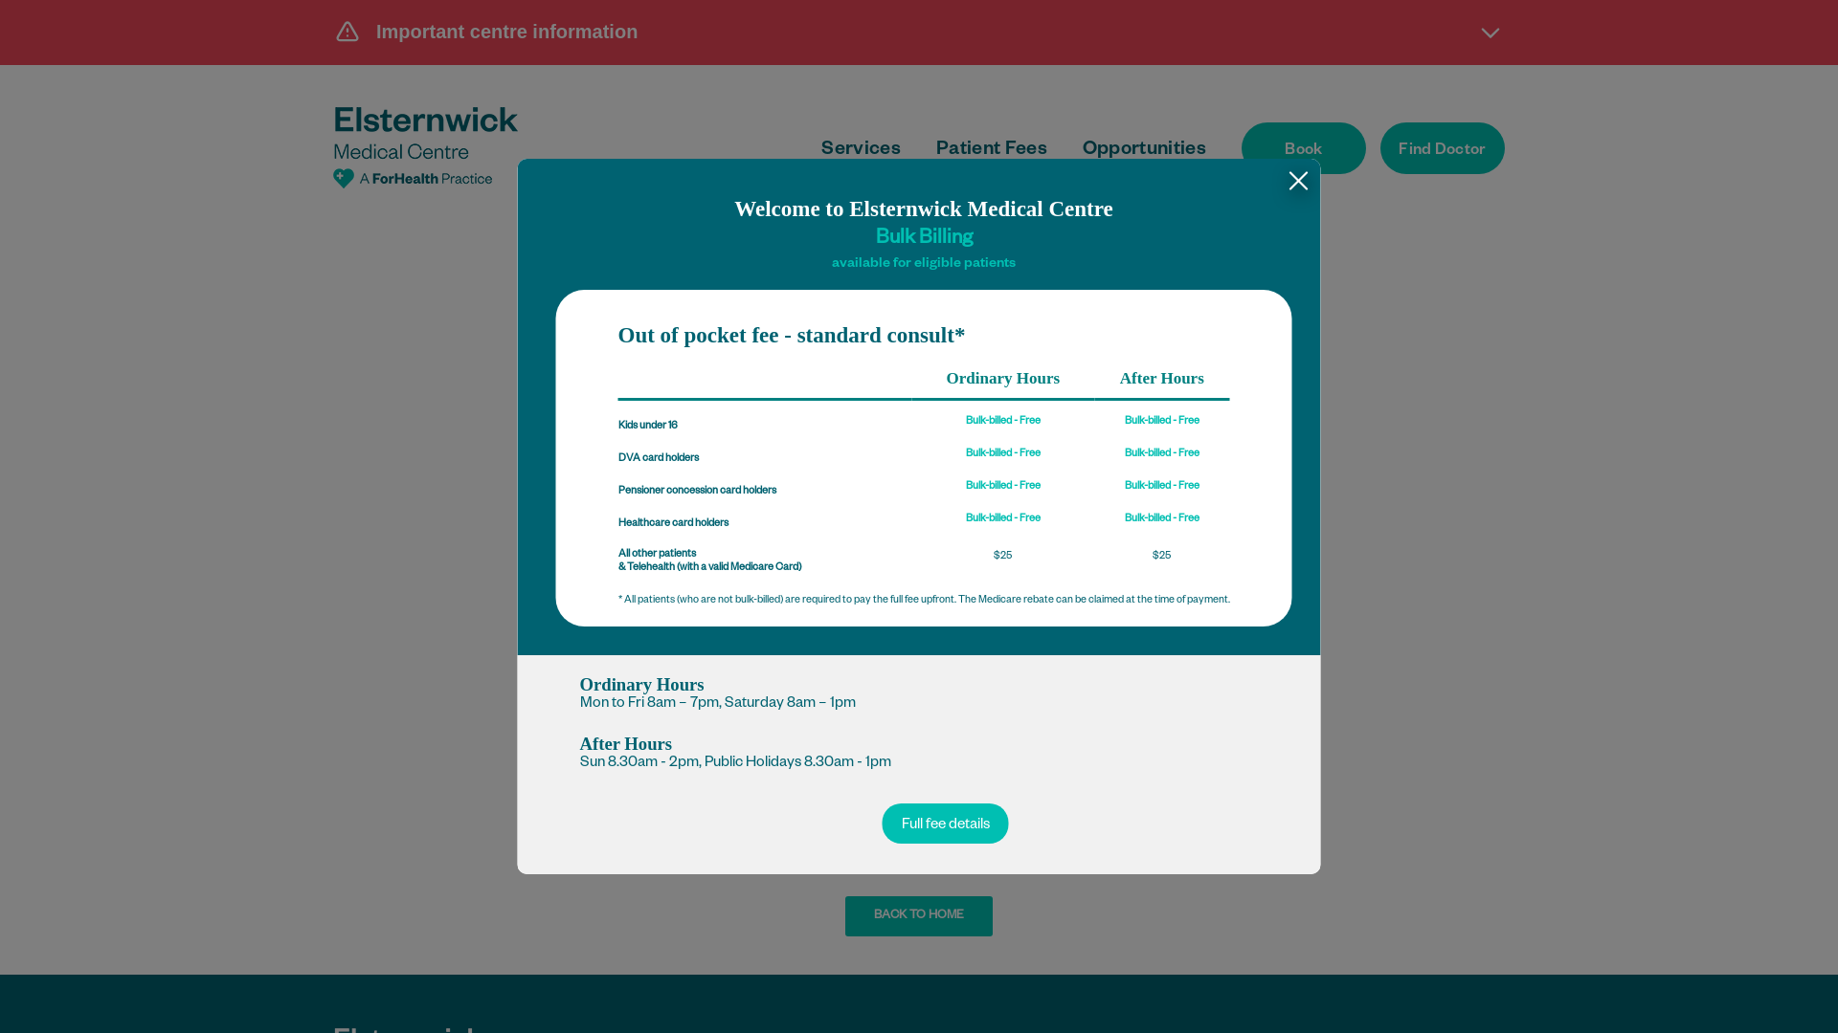  What do you see at coordinates (919, 32) in the screenshot?
I see `'Important centre information'` at bounding box center [919, 32].